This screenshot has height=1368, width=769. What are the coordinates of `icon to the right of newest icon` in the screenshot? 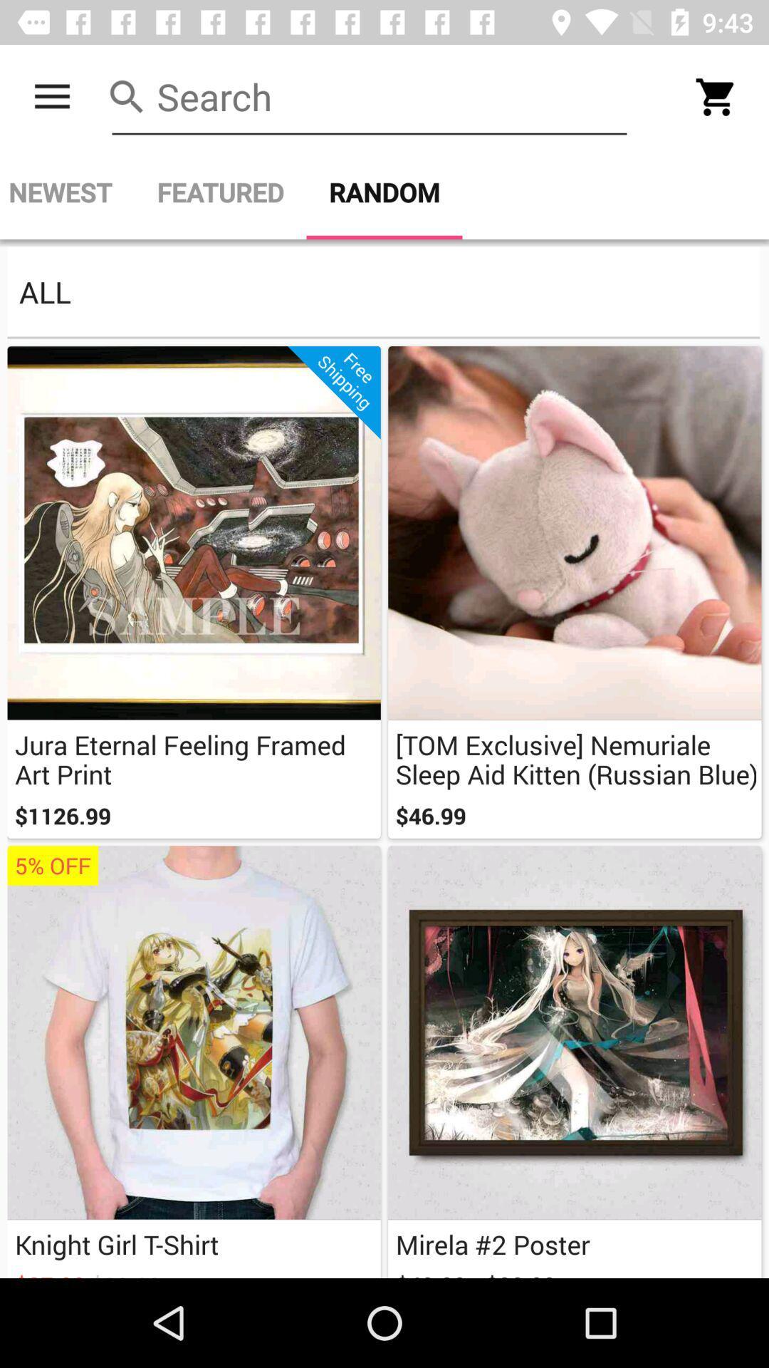 It's located at (220, 192).